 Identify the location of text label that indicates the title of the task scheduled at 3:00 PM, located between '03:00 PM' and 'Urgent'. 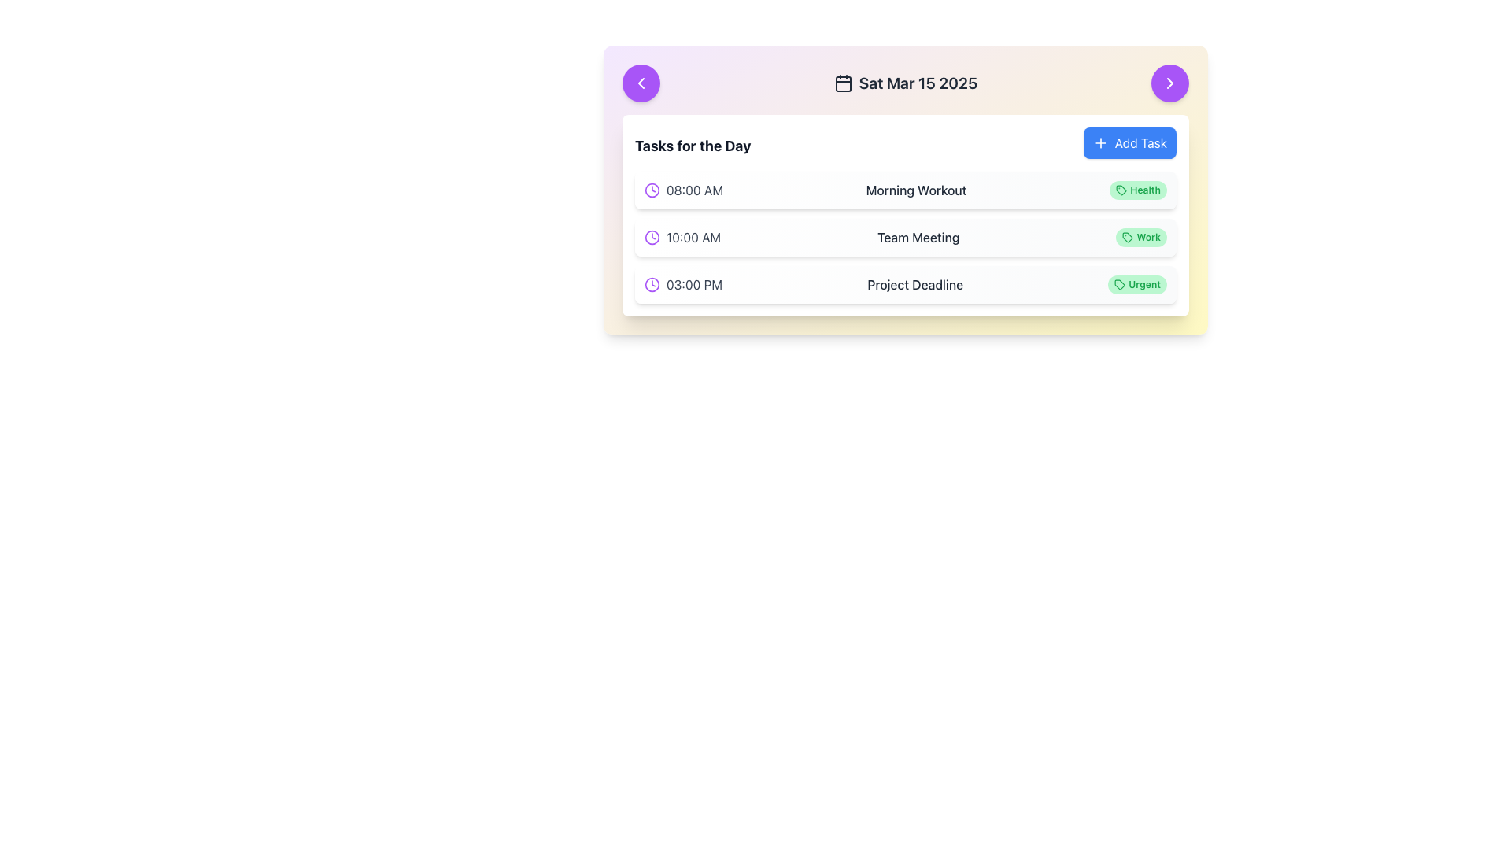
(915, 285).